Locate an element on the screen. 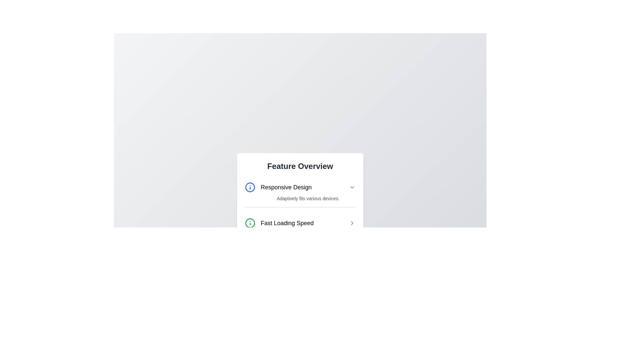 This screenshot has height=355, width=632. feature title 'Fast Loading Speed' from the centrally aligned label with icon located in the second row of the feature list under 'Feature Overview' is located at coordinates (279, 223).